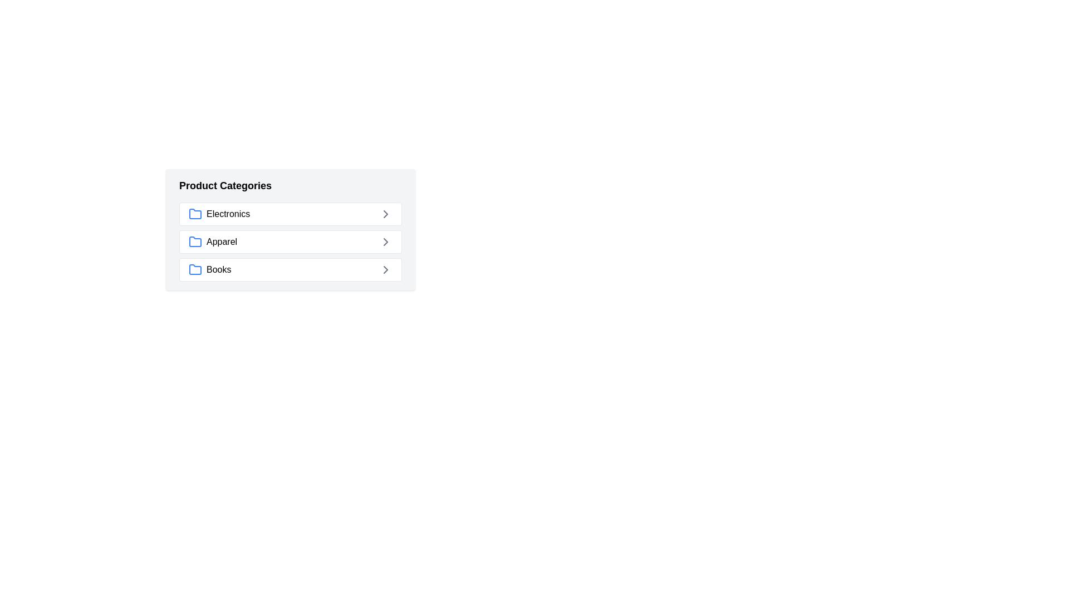 Image resolution: width=1069 pixels, height=601 pixels. Describe the element at coordinates (195, 269) in the screenshot. I see `the blue outlined folder icon located in the third row of the 'Product Categories' list, adjacent to the text 'Books'` at that location.